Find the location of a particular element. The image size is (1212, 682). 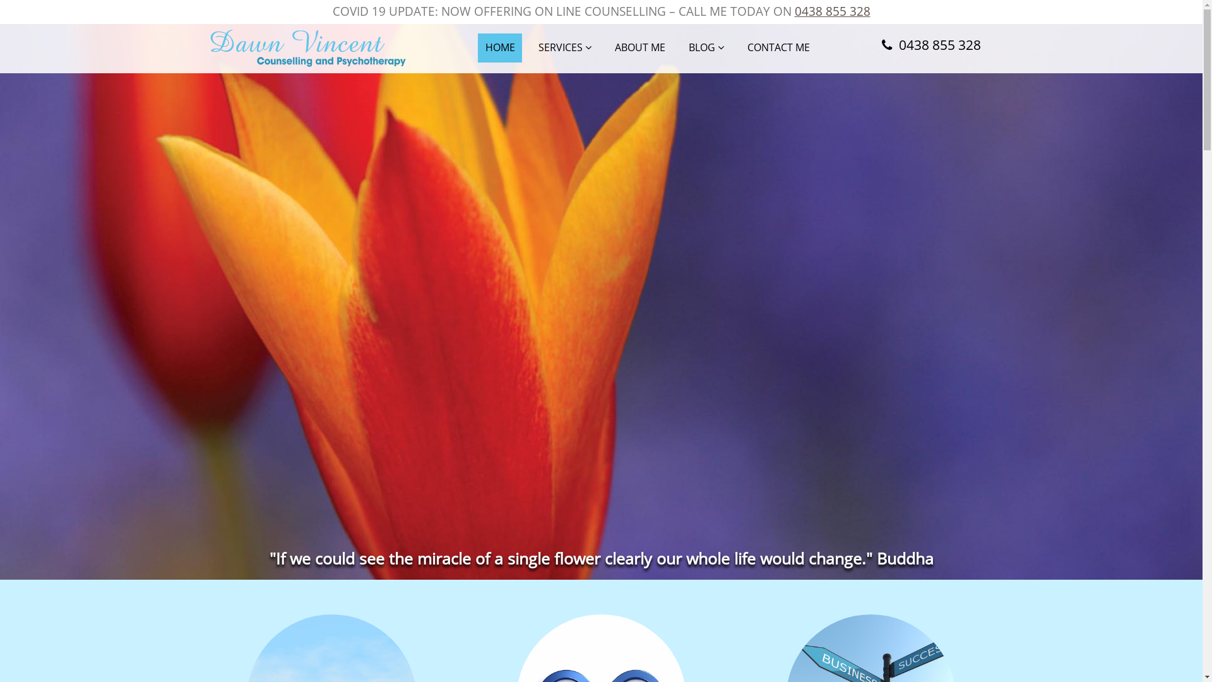

'HOME' is located at coordinates (499, 47).